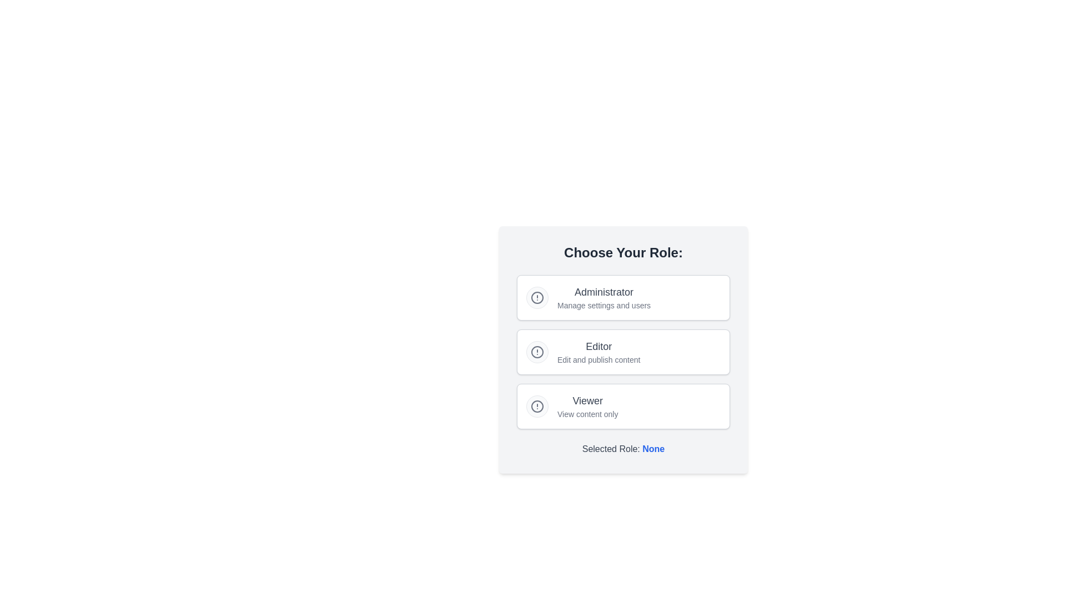  Describe the element at coordinates (598, 359) in the screenshot. I see `the text label displaying 'Edit and publish content', which is styled as a descriptive subtitle located directly beneath the title 'Editor'` at that location.